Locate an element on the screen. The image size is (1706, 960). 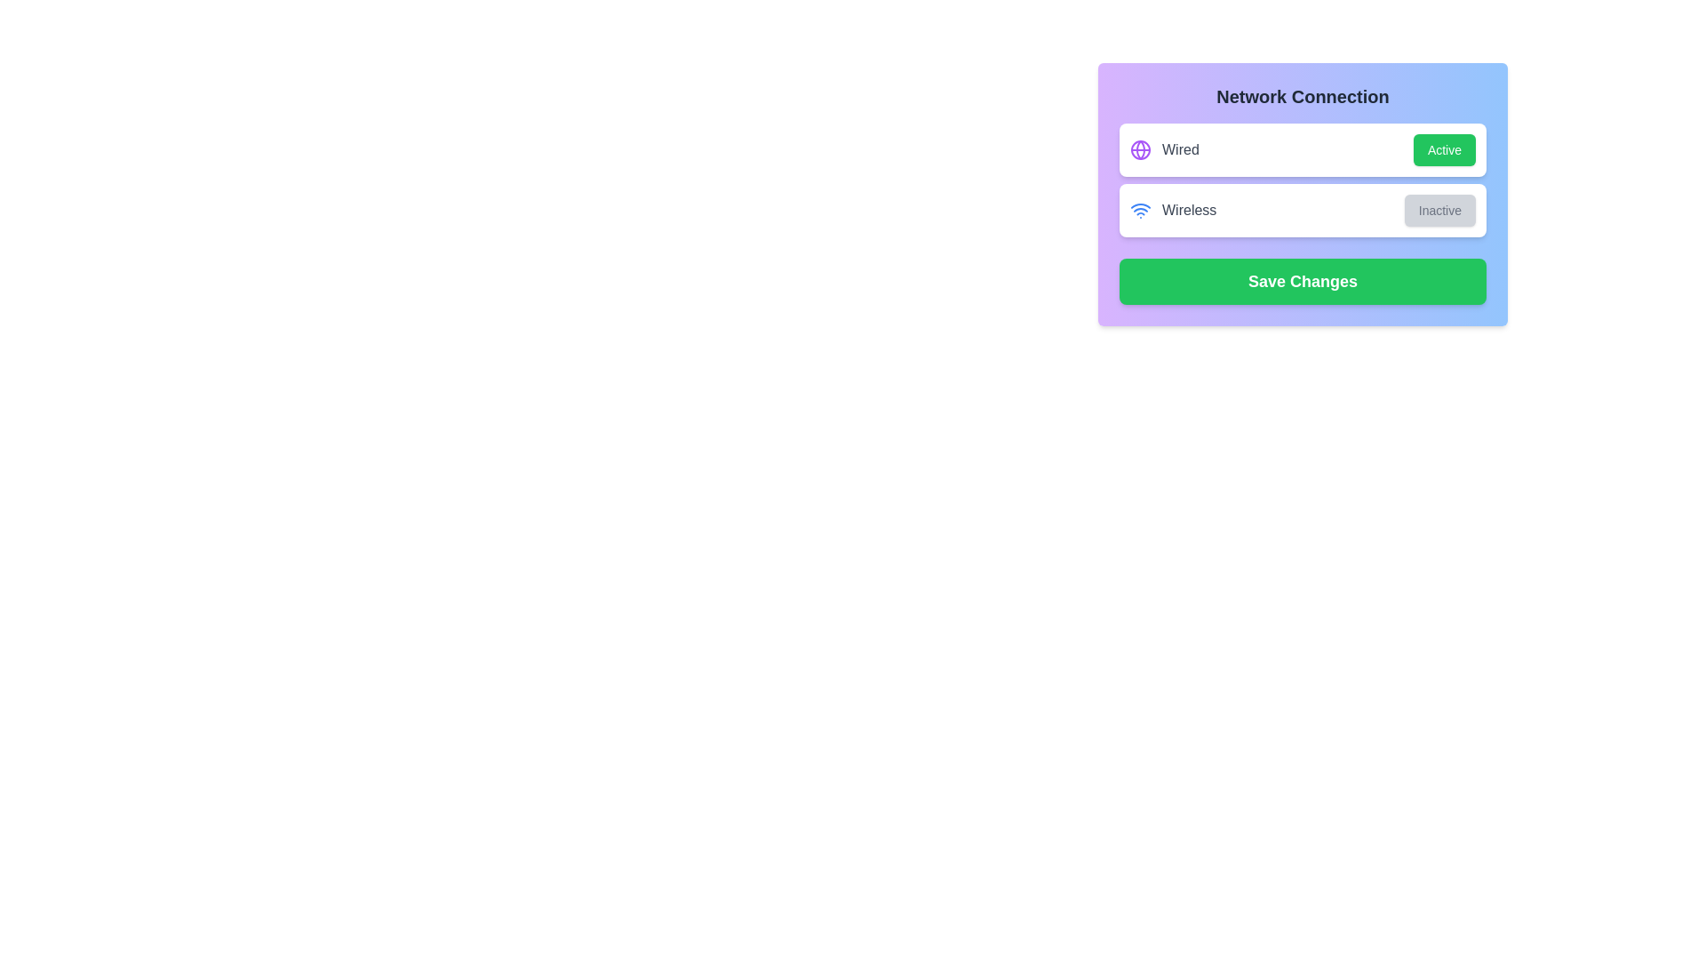
the 'Network Connection' heading and read its text is located at coordinates (1303, 96).